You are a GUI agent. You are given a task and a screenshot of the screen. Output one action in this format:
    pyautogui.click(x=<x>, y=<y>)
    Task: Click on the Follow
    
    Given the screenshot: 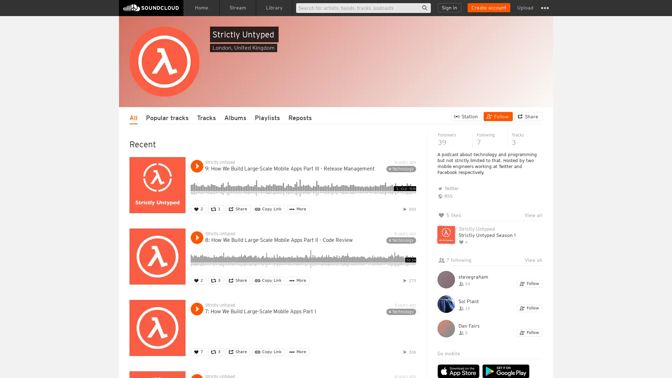 What is the action you would take?
    pyautogui.click(x=530, y=308)
    